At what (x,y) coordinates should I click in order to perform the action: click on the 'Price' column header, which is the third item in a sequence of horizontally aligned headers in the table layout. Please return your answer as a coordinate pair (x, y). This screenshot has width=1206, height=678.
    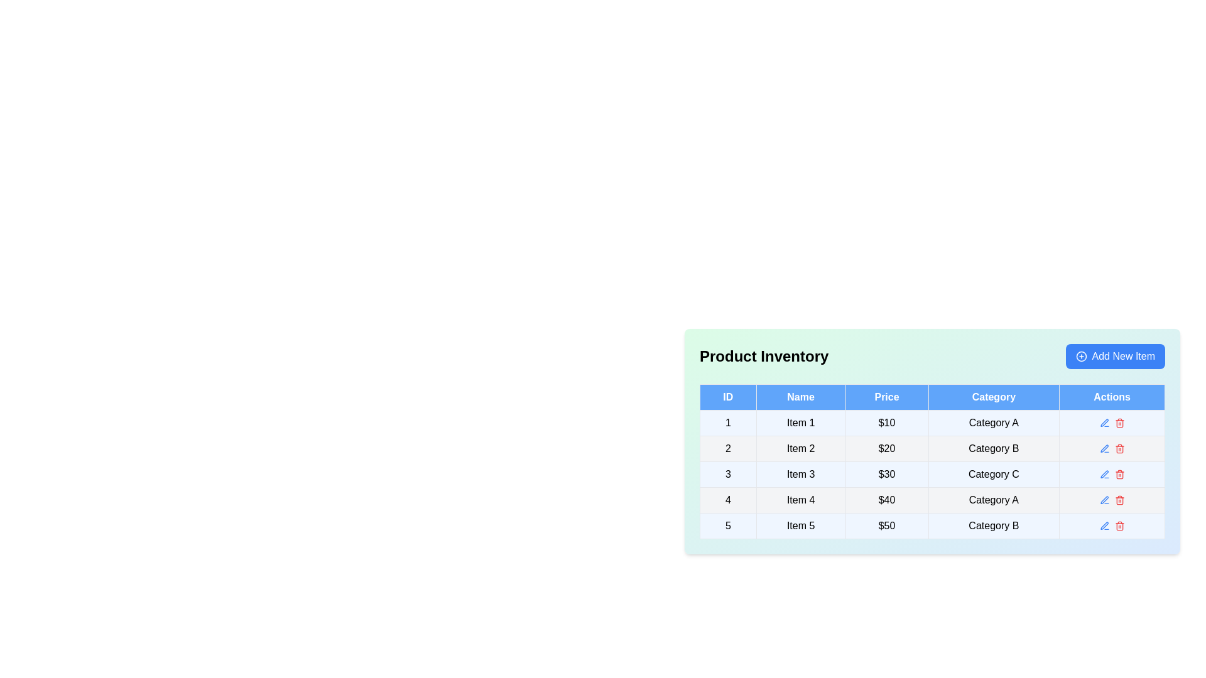
    Looking at the image, I should click on (886, 397).